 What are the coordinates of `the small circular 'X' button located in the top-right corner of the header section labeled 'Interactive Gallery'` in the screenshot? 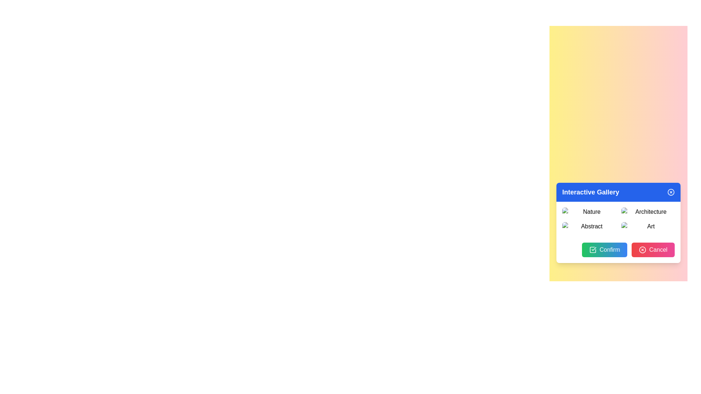 It's located at (671, 192).